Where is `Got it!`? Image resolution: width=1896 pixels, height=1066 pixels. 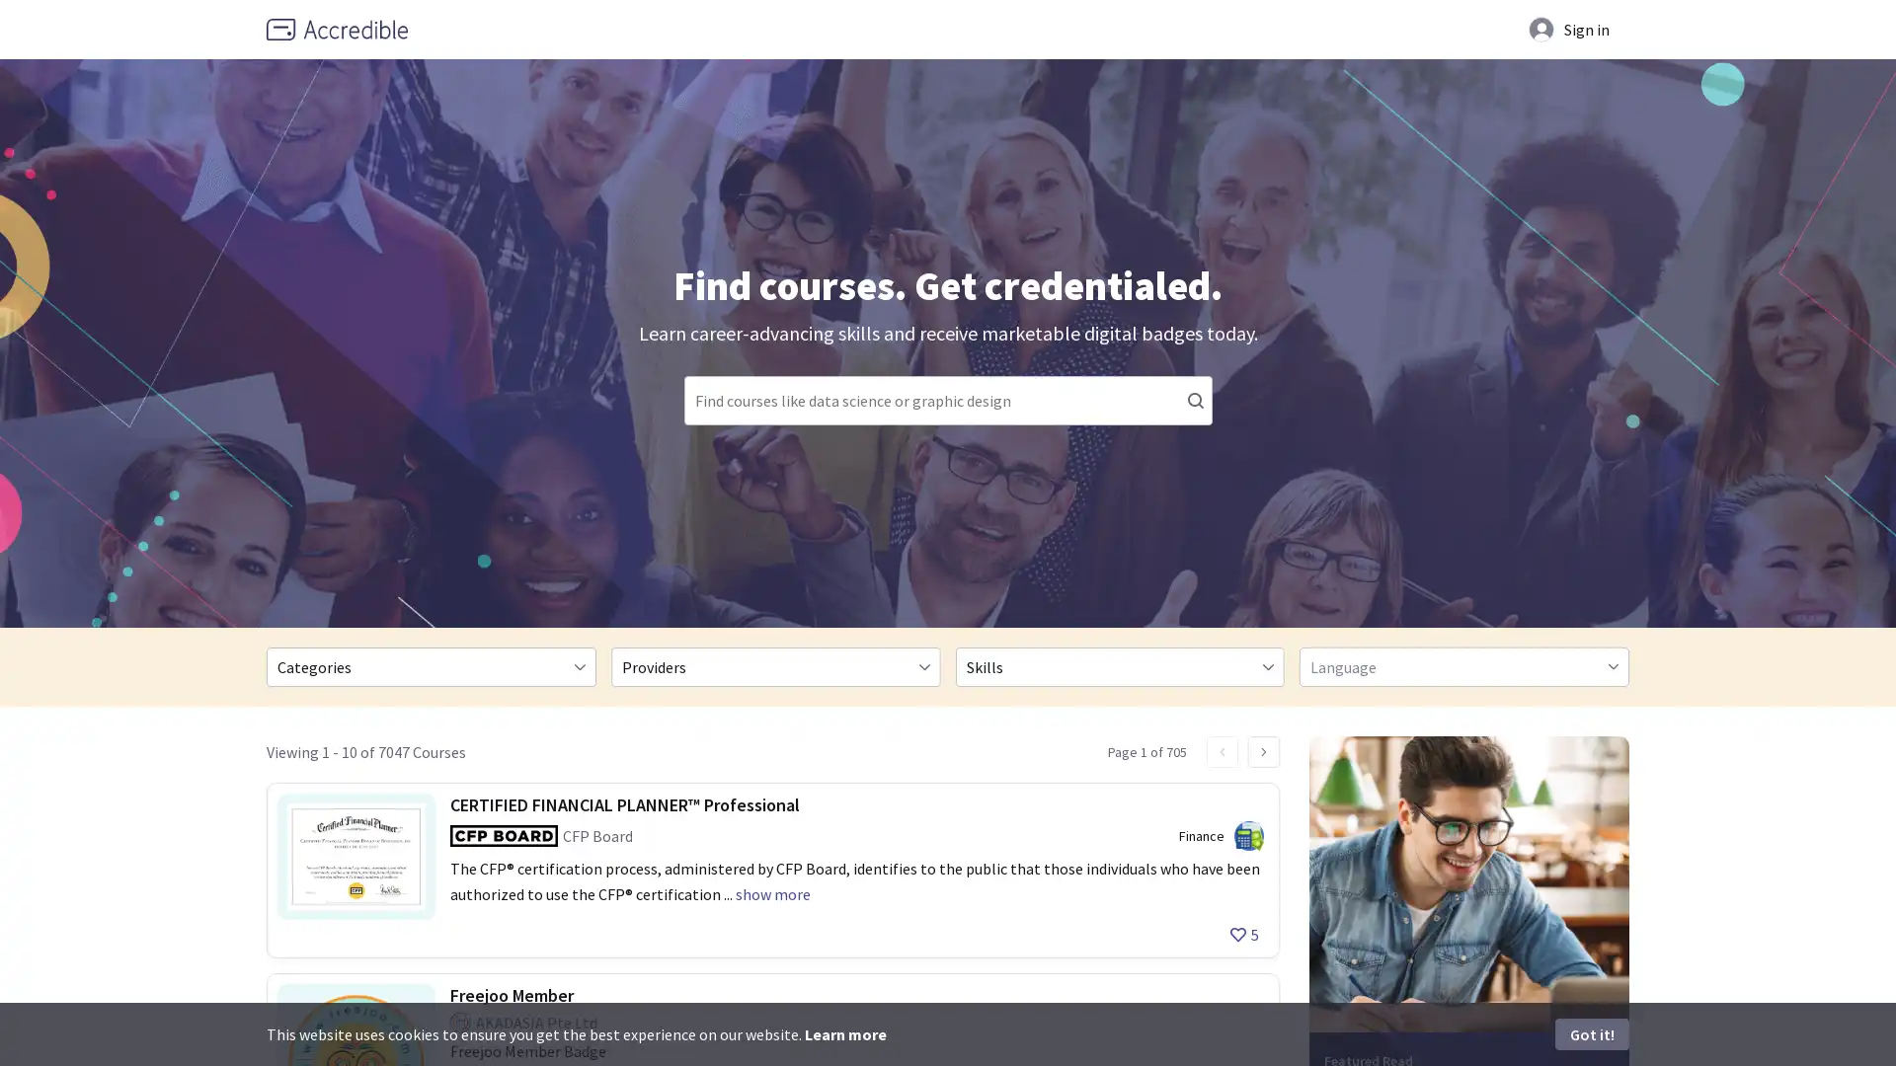
Got it! is located at coordinates (1592, 1033).